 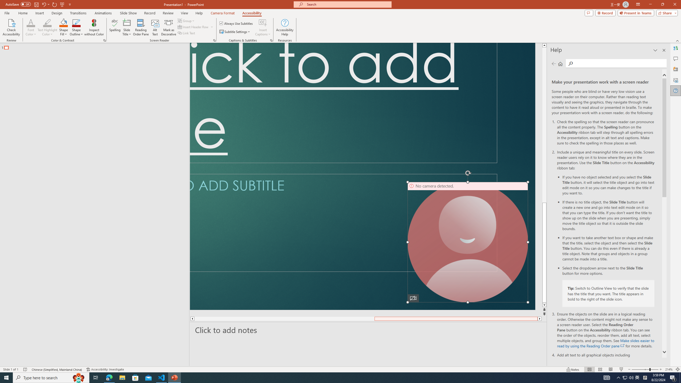 What do you see at coordinates (104, 40) in the screenshot?
I see `'Color & Contrast'` at bounding box center [104, 40].